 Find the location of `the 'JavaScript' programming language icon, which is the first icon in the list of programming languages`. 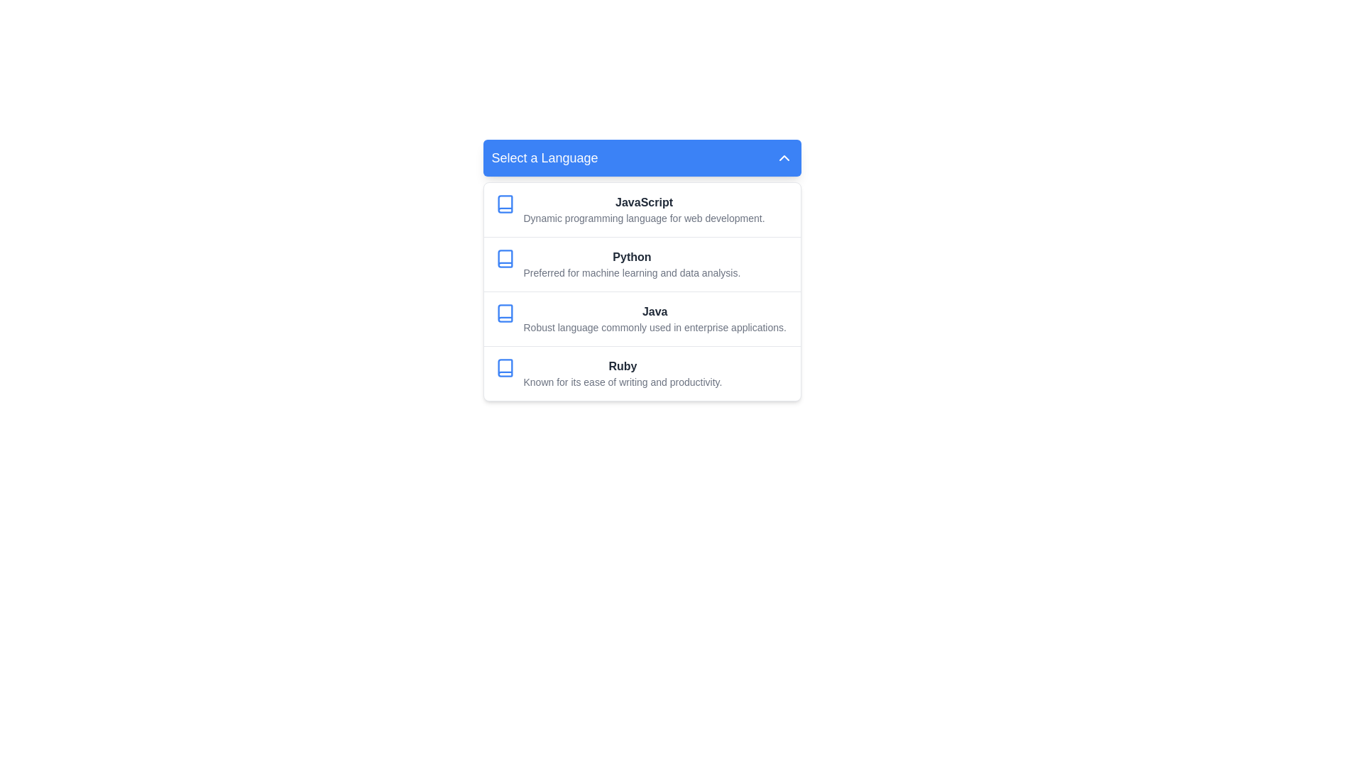

the 'JavaScript' programming language icon, which is the first icon in the list of programming languages is located at coordinates (505, 204).